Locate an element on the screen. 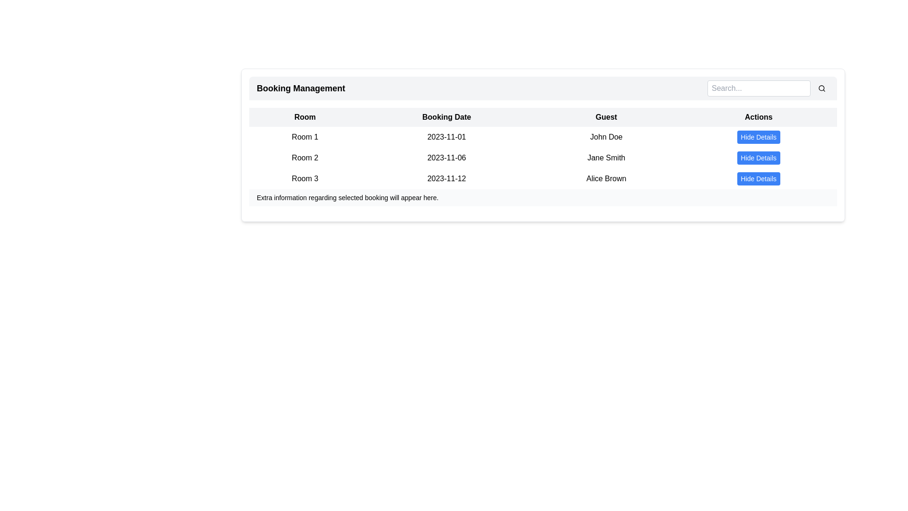  the search button located in the top-right part of the 'Booking Management' section to initiate a search is located at coordinates (768, 88).